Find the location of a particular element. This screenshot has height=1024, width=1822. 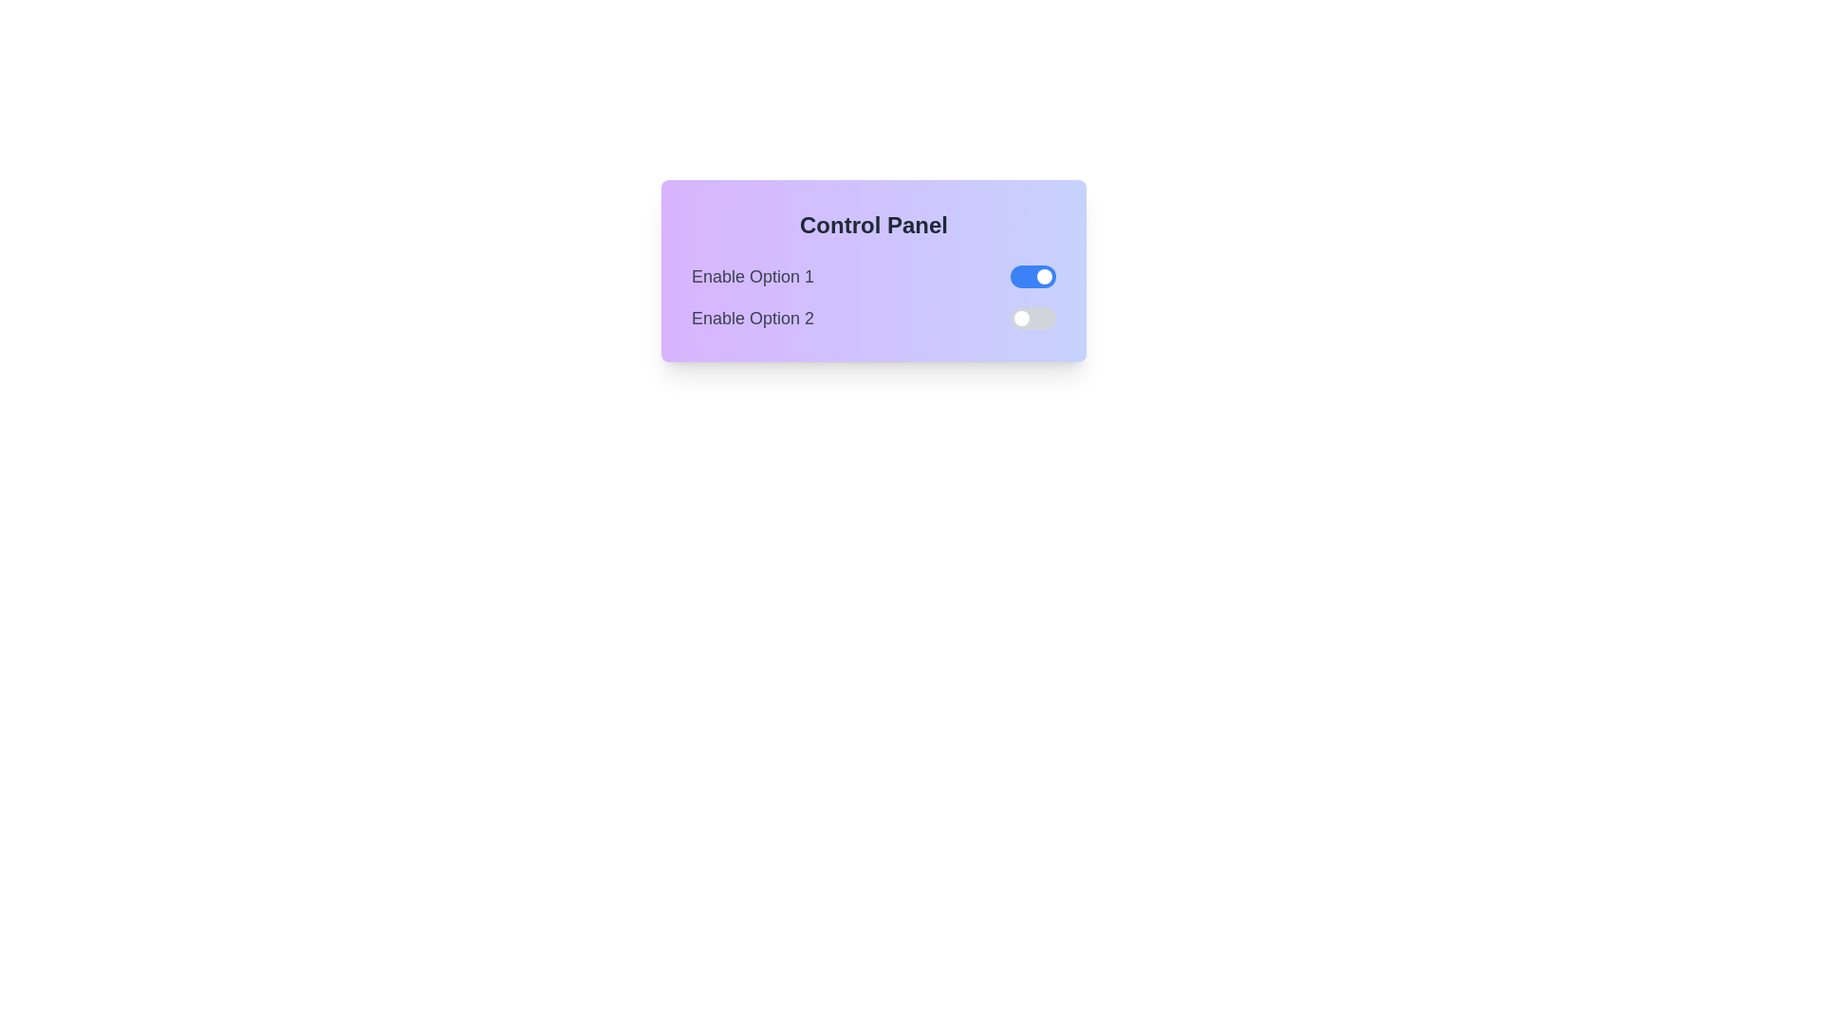

the toggle switch labeled 'Enable Option 1' which is styled with a blue background and a white circular slider, indicating it is in an active state is located at coordinates (873, 277).